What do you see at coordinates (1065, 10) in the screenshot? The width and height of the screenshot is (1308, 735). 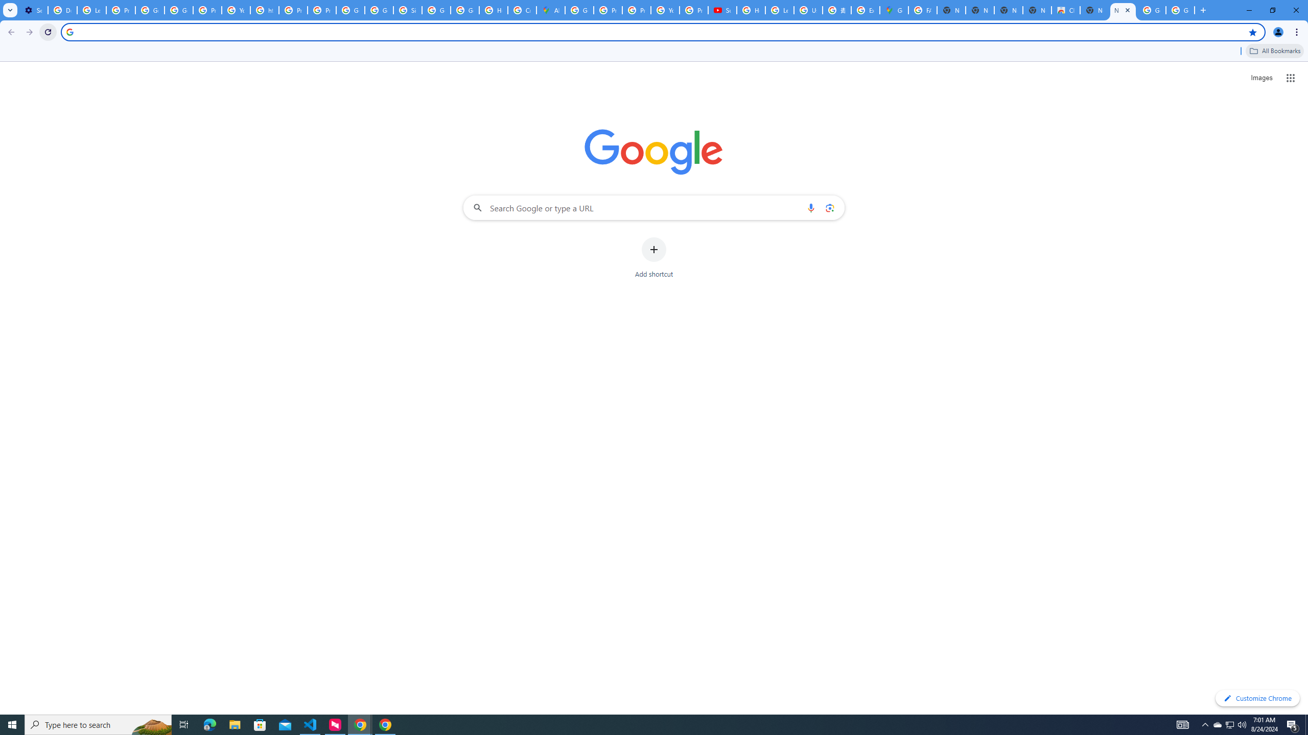 I see `'Chrome Web Store'` at bounding box center [1065, 10].